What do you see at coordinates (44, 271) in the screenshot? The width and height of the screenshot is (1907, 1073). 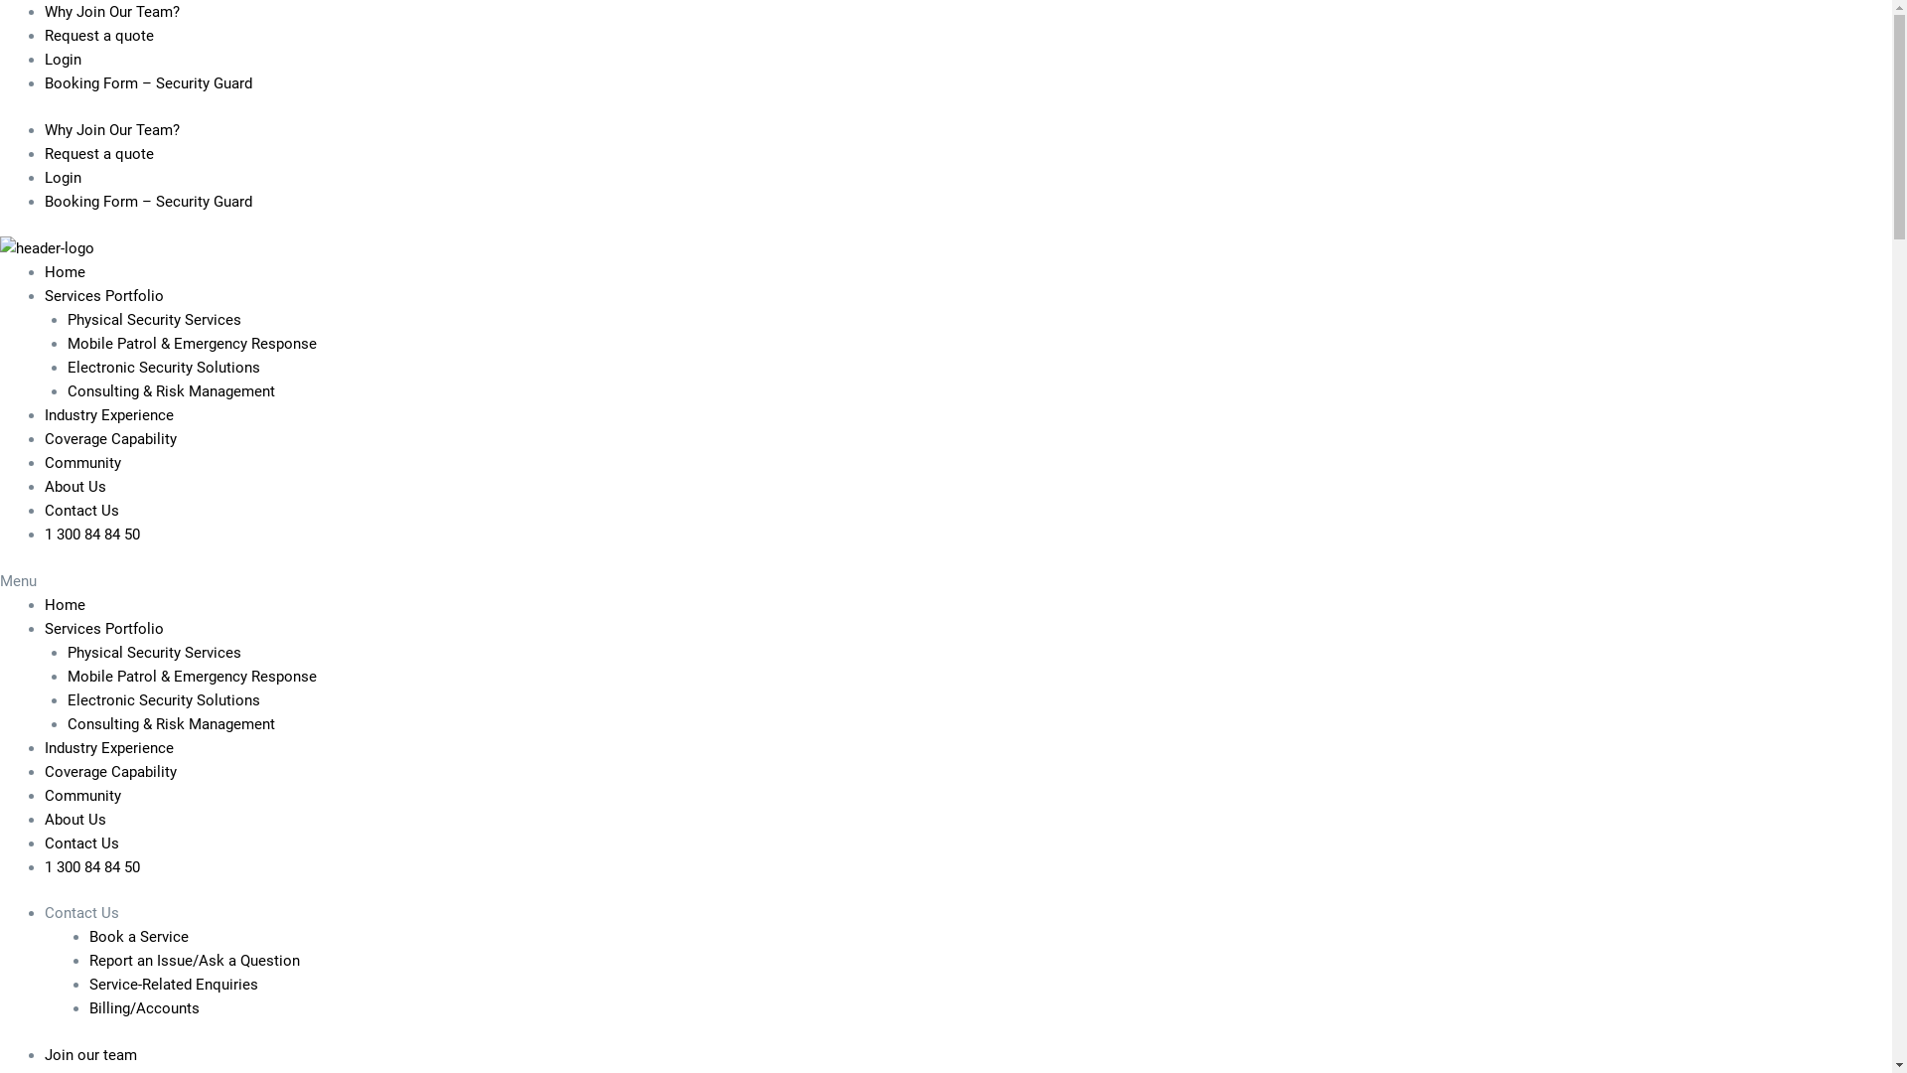 I see `'Home'` at bounding box center [44, 271].